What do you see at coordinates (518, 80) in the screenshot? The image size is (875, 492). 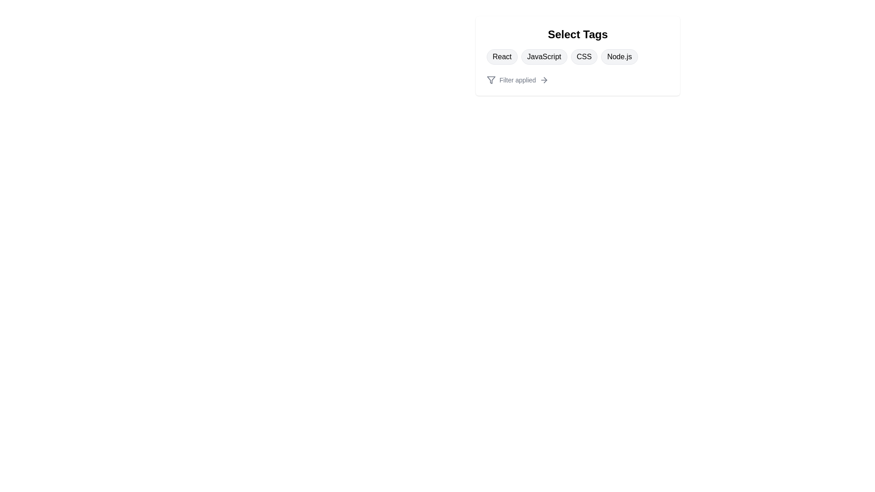 I see `the 'Filter applied' label, which is a small gray text indicating a status, located between a filter icon and an arrow icon` at bounding box center [518, 80].